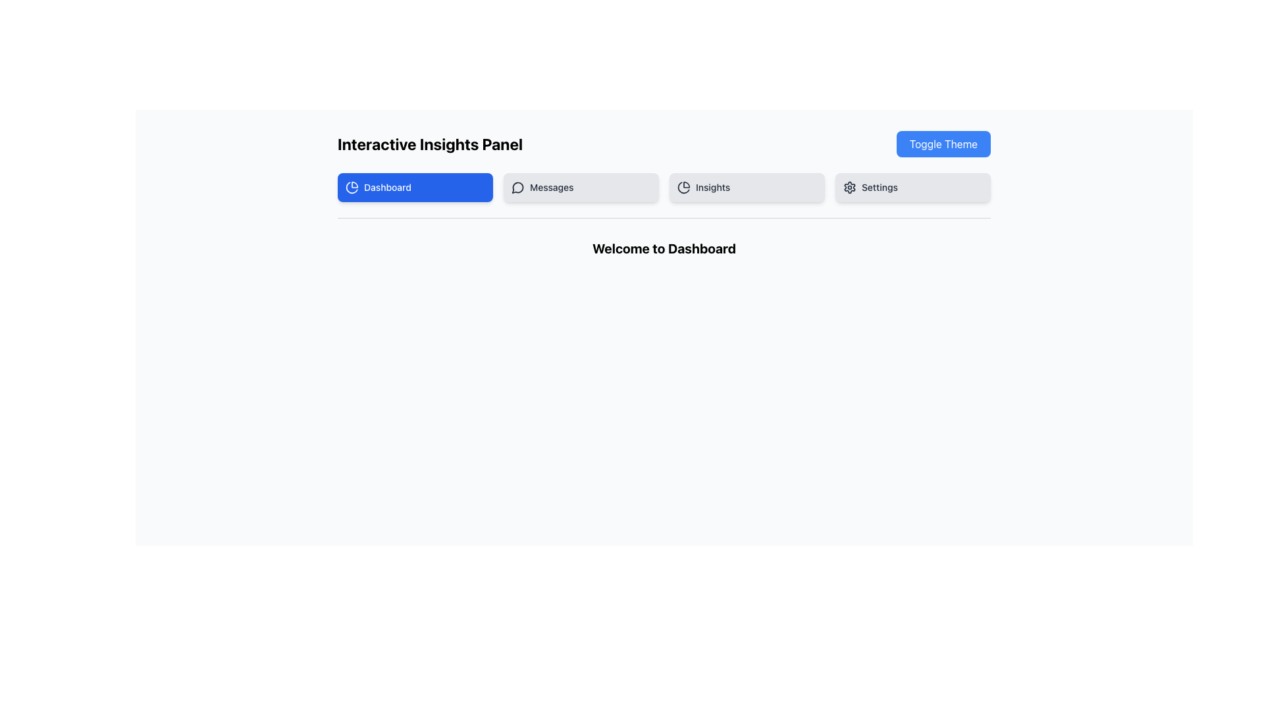  I want to click on the 'Insights' button, which contains a pie chart icon to the left of the text label 'Insights', so click(683, 188).